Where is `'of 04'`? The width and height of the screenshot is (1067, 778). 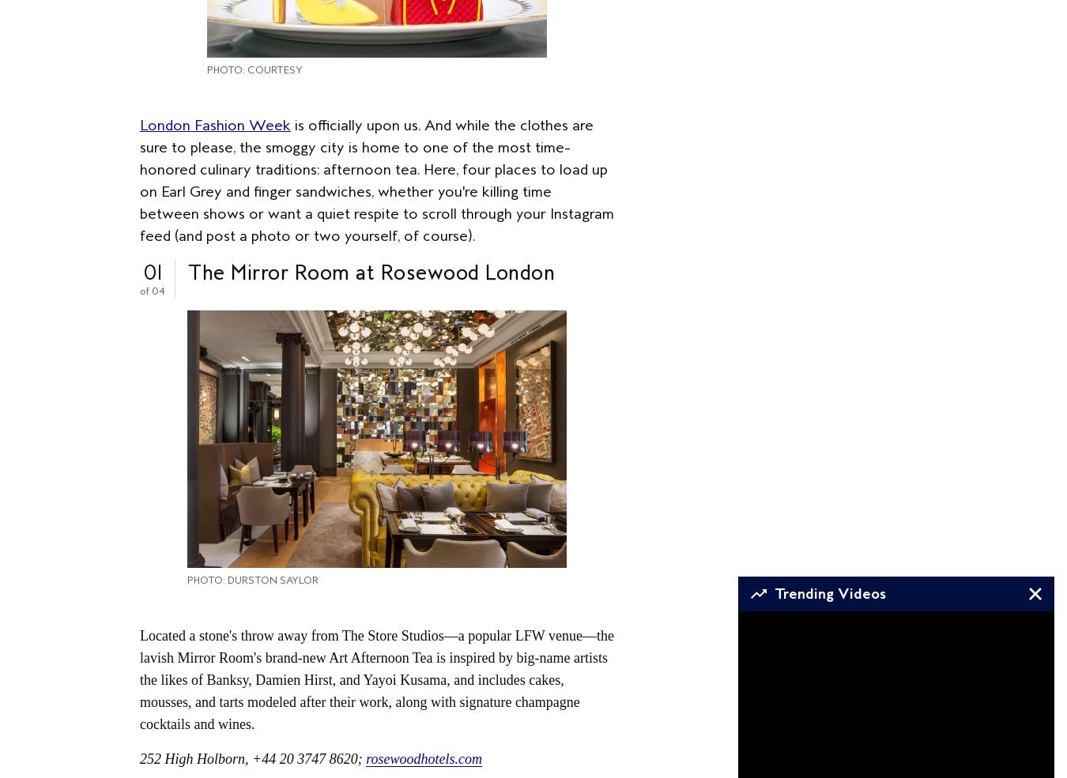 'of 04' is located at coordinates (153, 290).